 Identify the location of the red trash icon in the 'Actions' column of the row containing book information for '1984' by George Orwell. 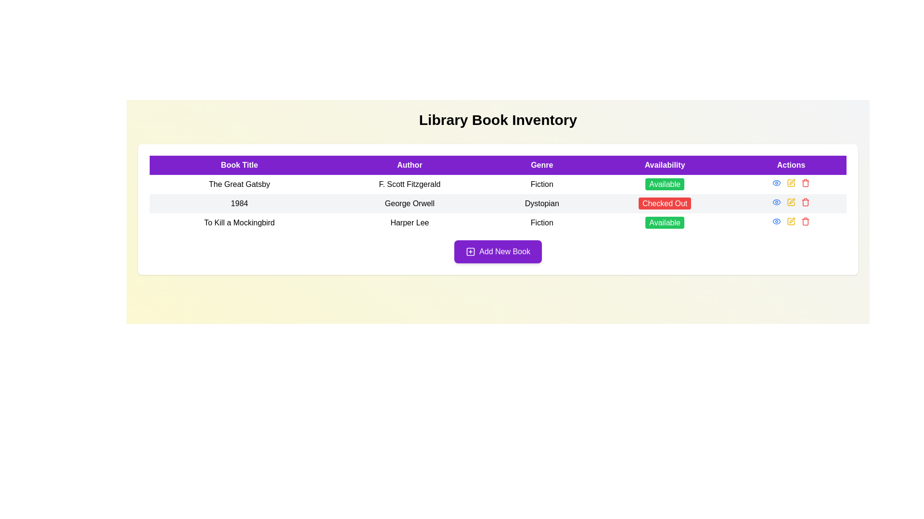
(806, 183).